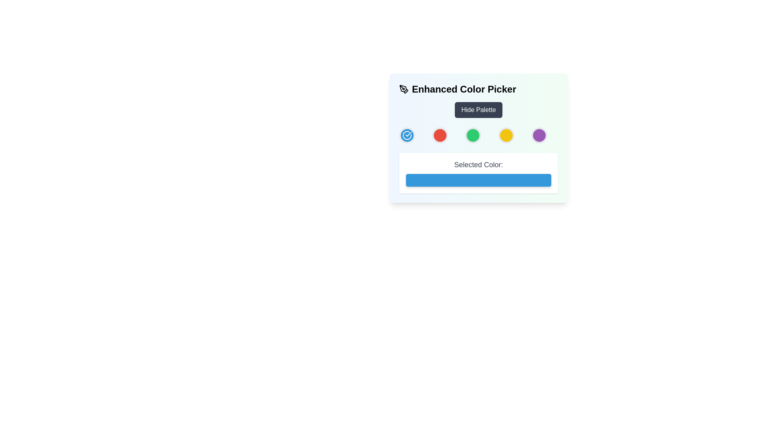 This screenshot has height=429, width=762. I want to click on the circular button with a blue background and a white check mark icon, located below the 'Enhanced Color Picker' header, so click(407, 135).